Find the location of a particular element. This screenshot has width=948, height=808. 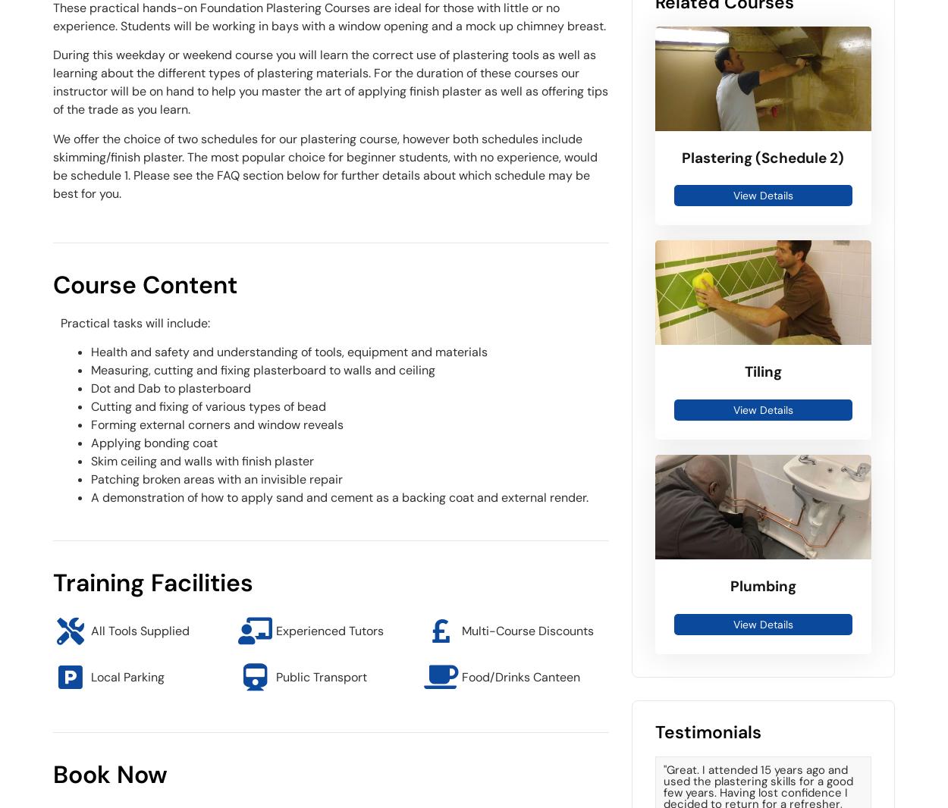

'A demonstration of how to apply sand and cement as a backing coat and external render.' is located at coordinates (339, 496).